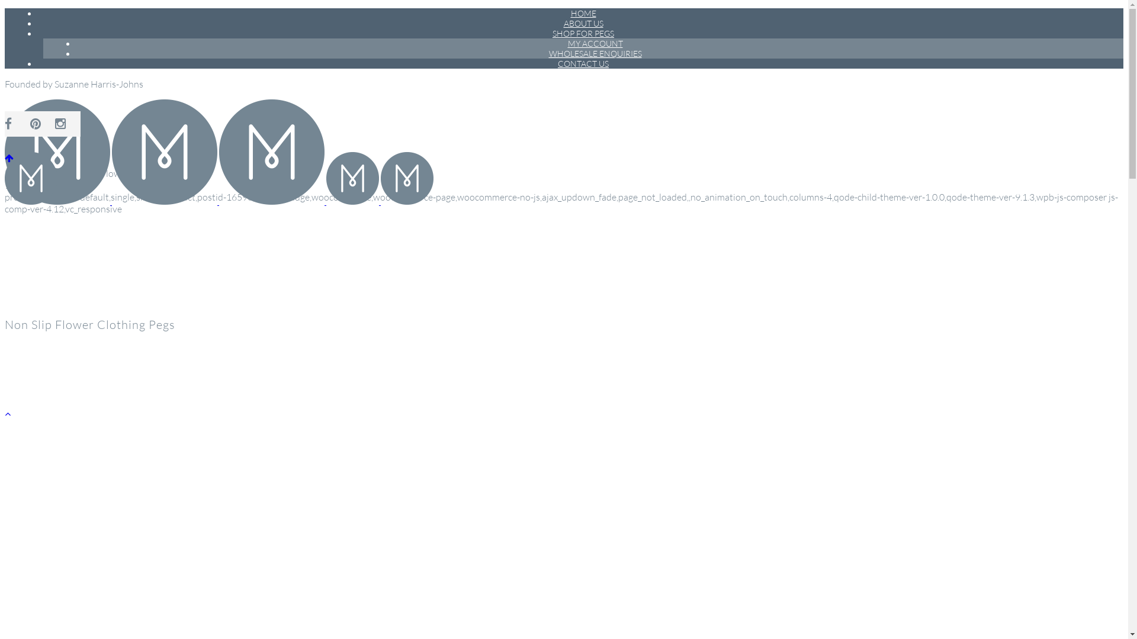 This screenshot has width=1137, height=639. What do you see at coordinates (583, 13) in the screenshot?
I see `'HOME'` at bounding box center [583, 13].